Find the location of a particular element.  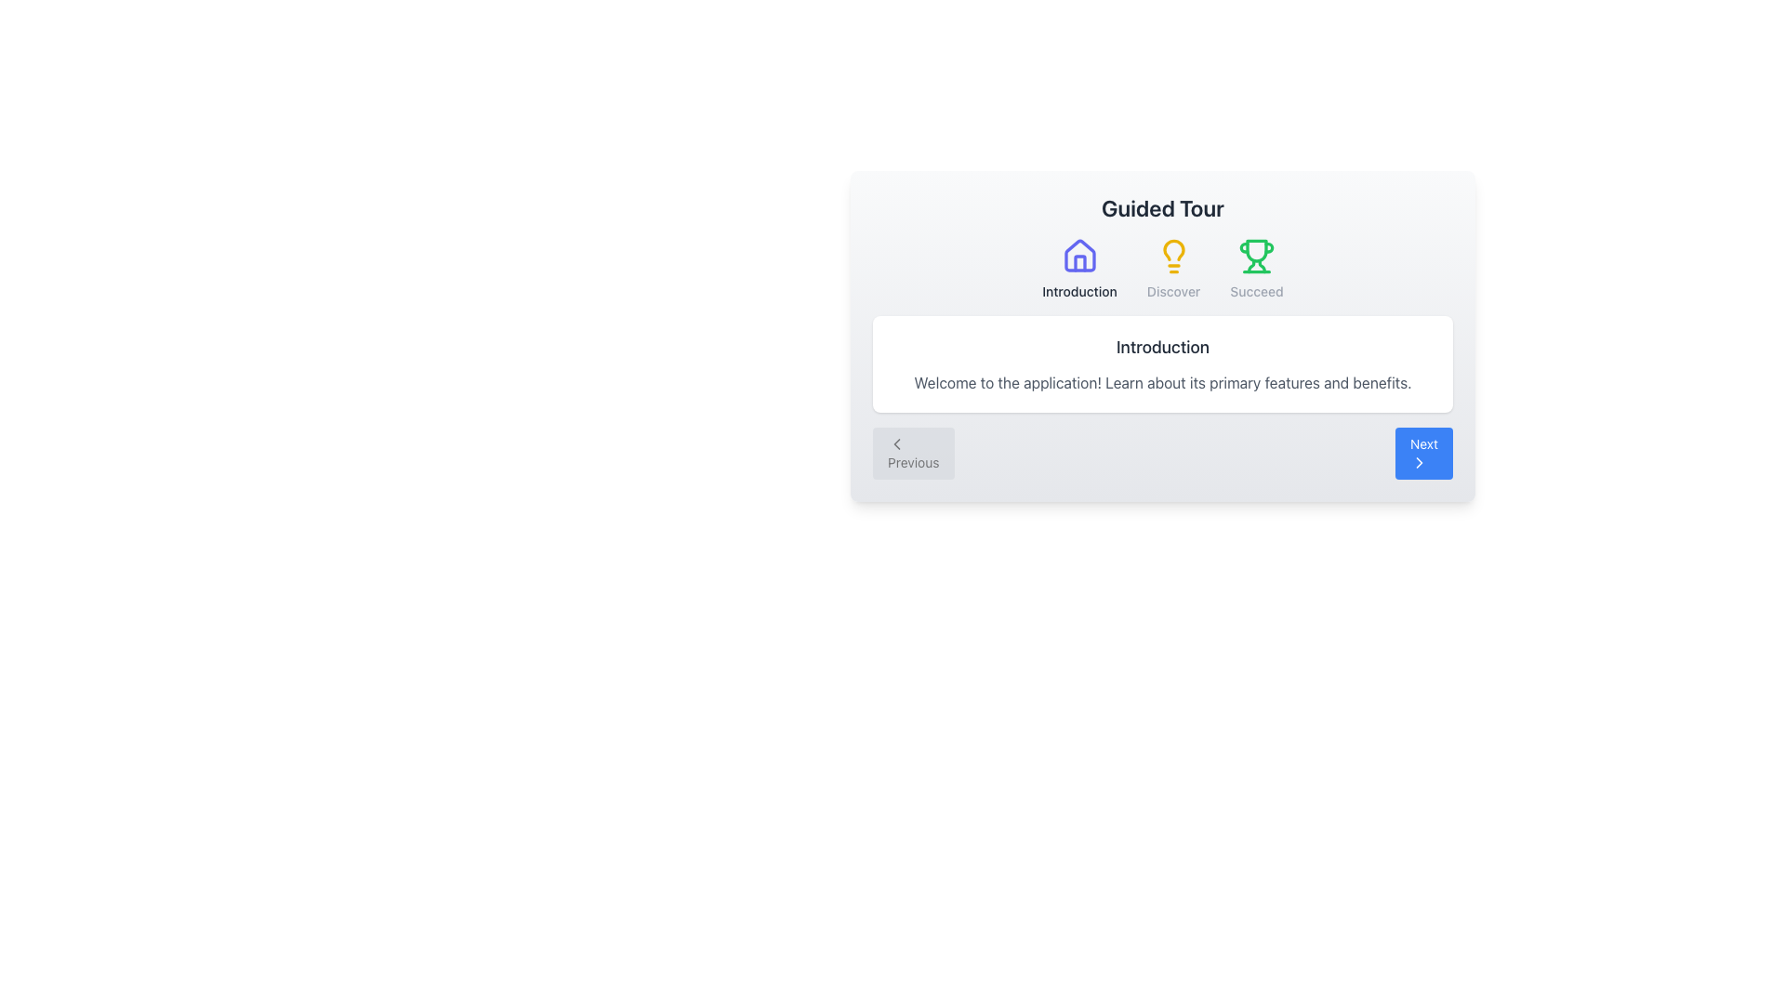

the navigation button located at the bottom-left corner of the navigation section is located at coordinates (913, 454).